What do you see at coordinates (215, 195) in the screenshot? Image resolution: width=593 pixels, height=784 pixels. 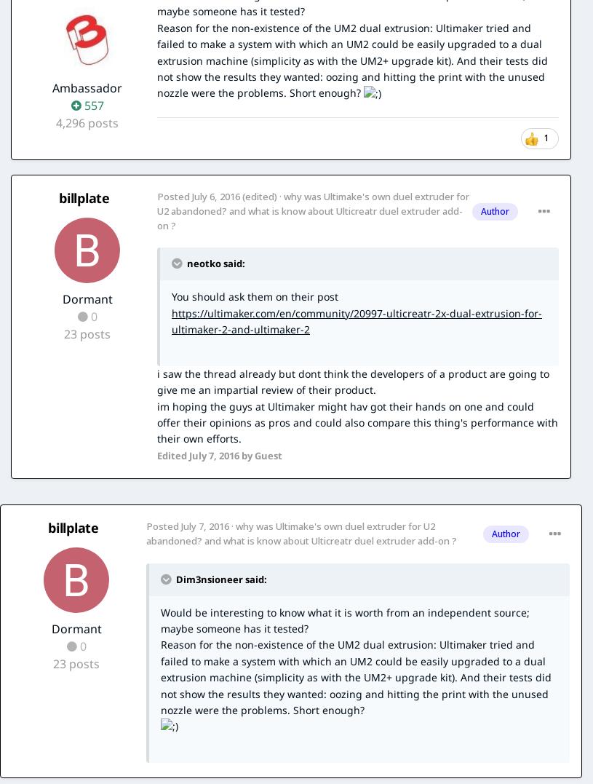 I see `'July 6, 2016'` at bounding box center [215, 195].